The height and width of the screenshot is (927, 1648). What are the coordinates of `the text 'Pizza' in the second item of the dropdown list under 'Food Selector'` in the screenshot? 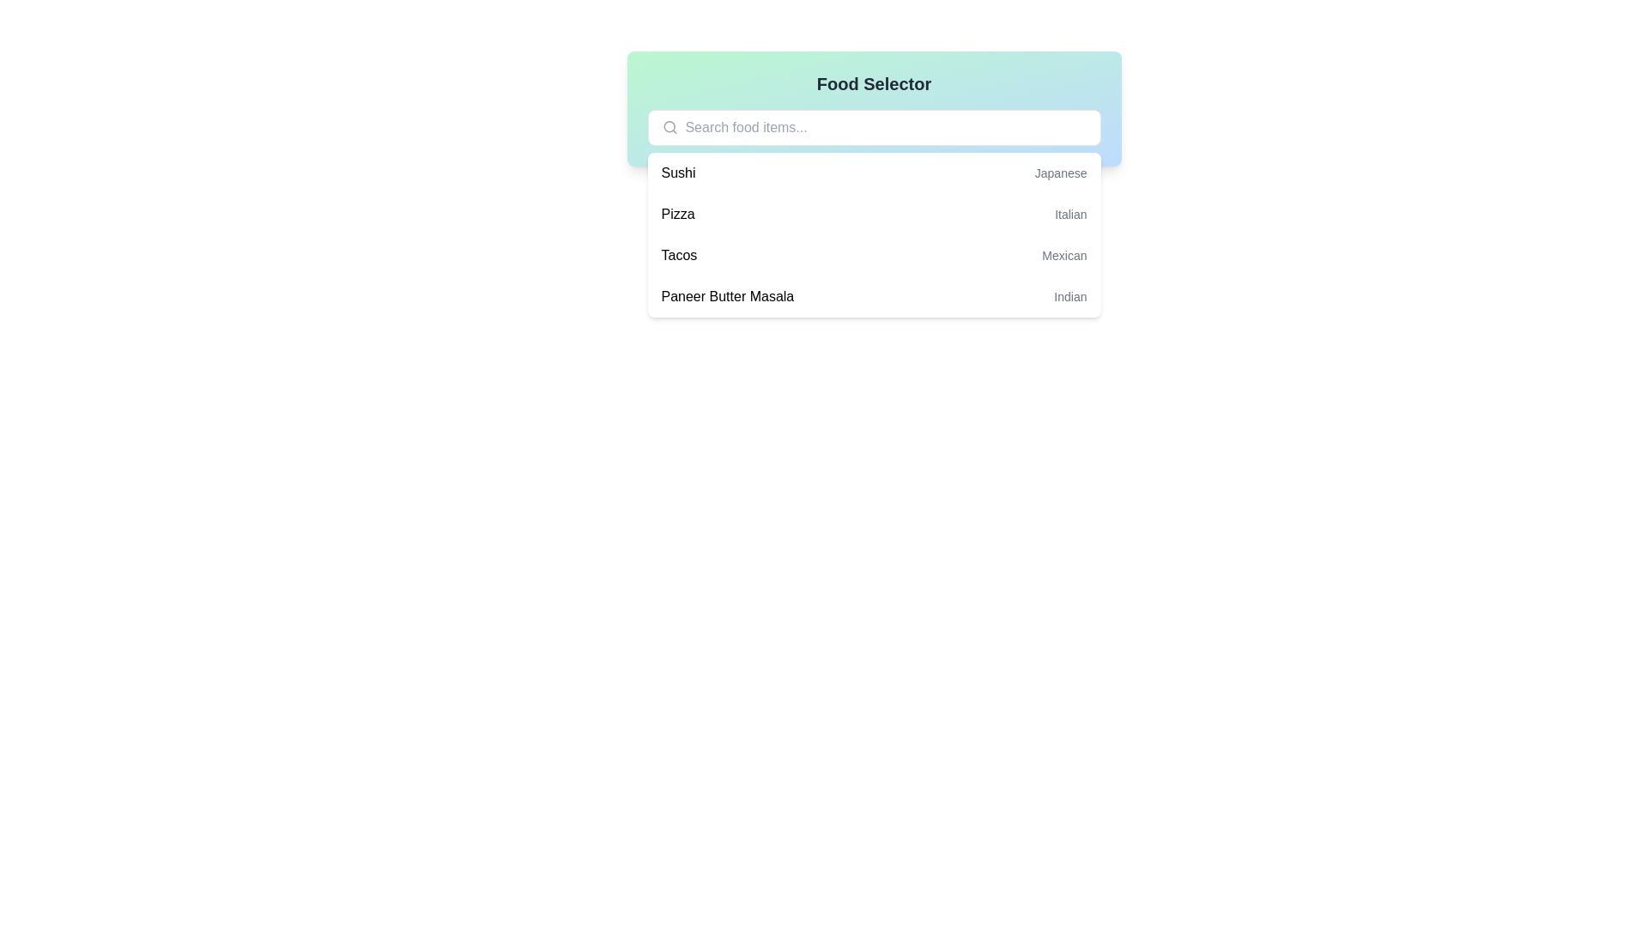 It's located at (677, 214).